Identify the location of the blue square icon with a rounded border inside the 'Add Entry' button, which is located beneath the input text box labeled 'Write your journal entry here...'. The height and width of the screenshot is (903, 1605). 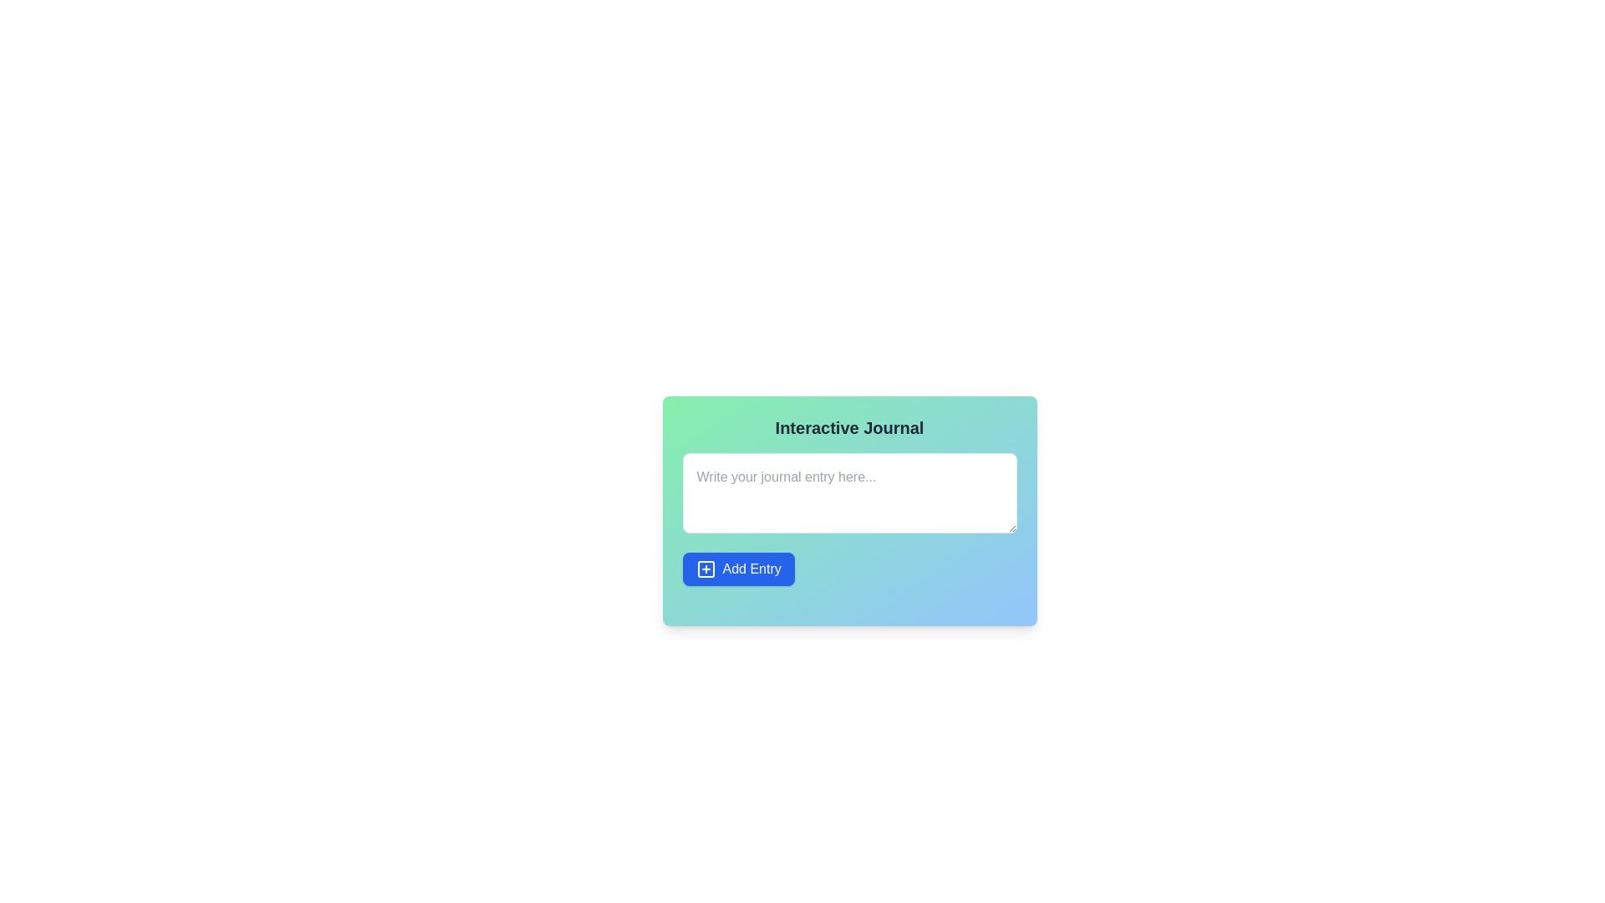
(706, 569).